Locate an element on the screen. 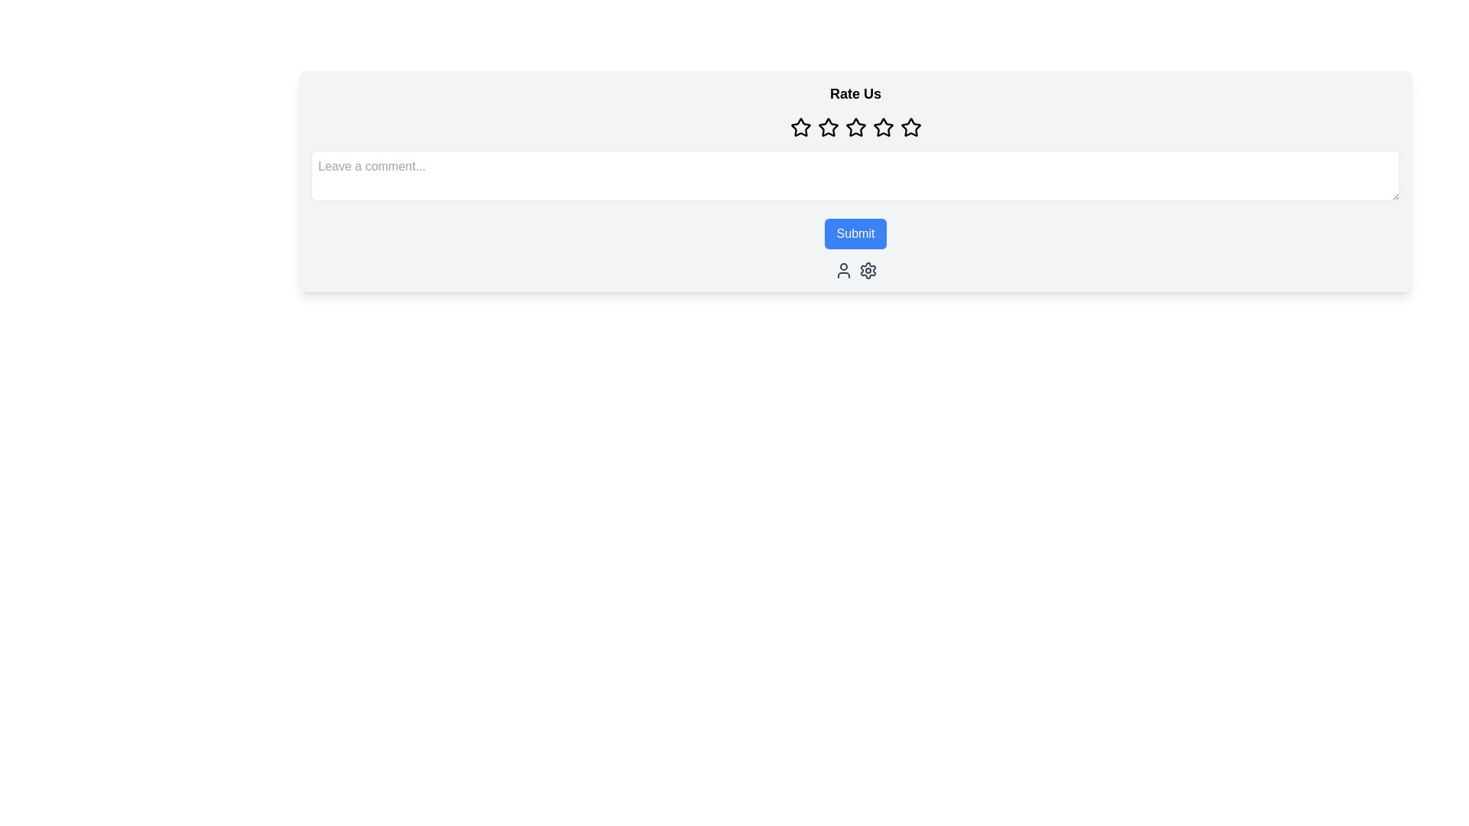 This screenshot has width=1469, height=826. the second star icon in the rating system to designate a rating value is located at coordinates (827, 126).